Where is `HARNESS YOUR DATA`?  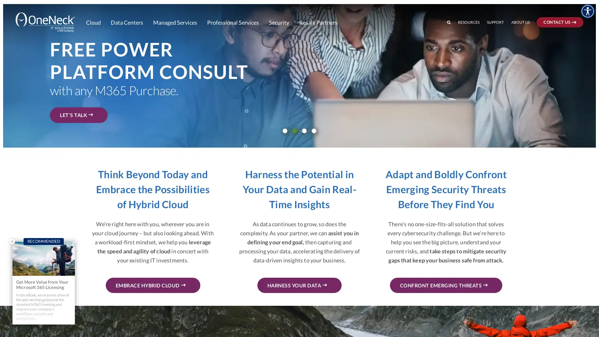 HARNESS YOUR DATA is located at coordinates (299, 285).